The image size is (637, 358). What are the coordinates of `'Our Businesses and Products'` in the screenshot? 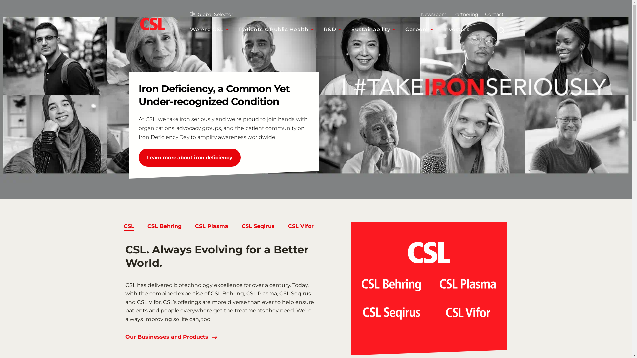 It's located at (167, 337).